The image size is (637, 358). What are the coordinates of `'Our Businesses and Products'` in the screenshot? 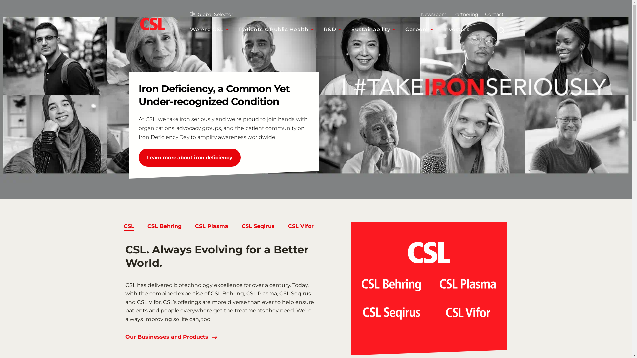 It's located at (167, 337).